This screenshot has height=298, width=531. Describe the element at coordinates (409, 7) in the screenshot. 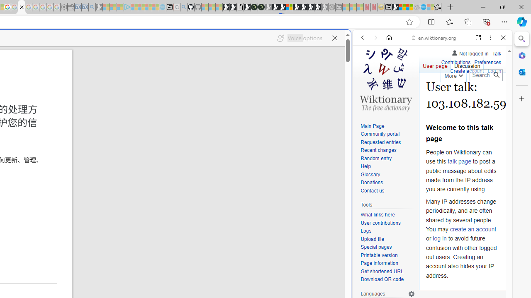

I see `'Earth has six continents not seven, radical new study claims'` at that location.